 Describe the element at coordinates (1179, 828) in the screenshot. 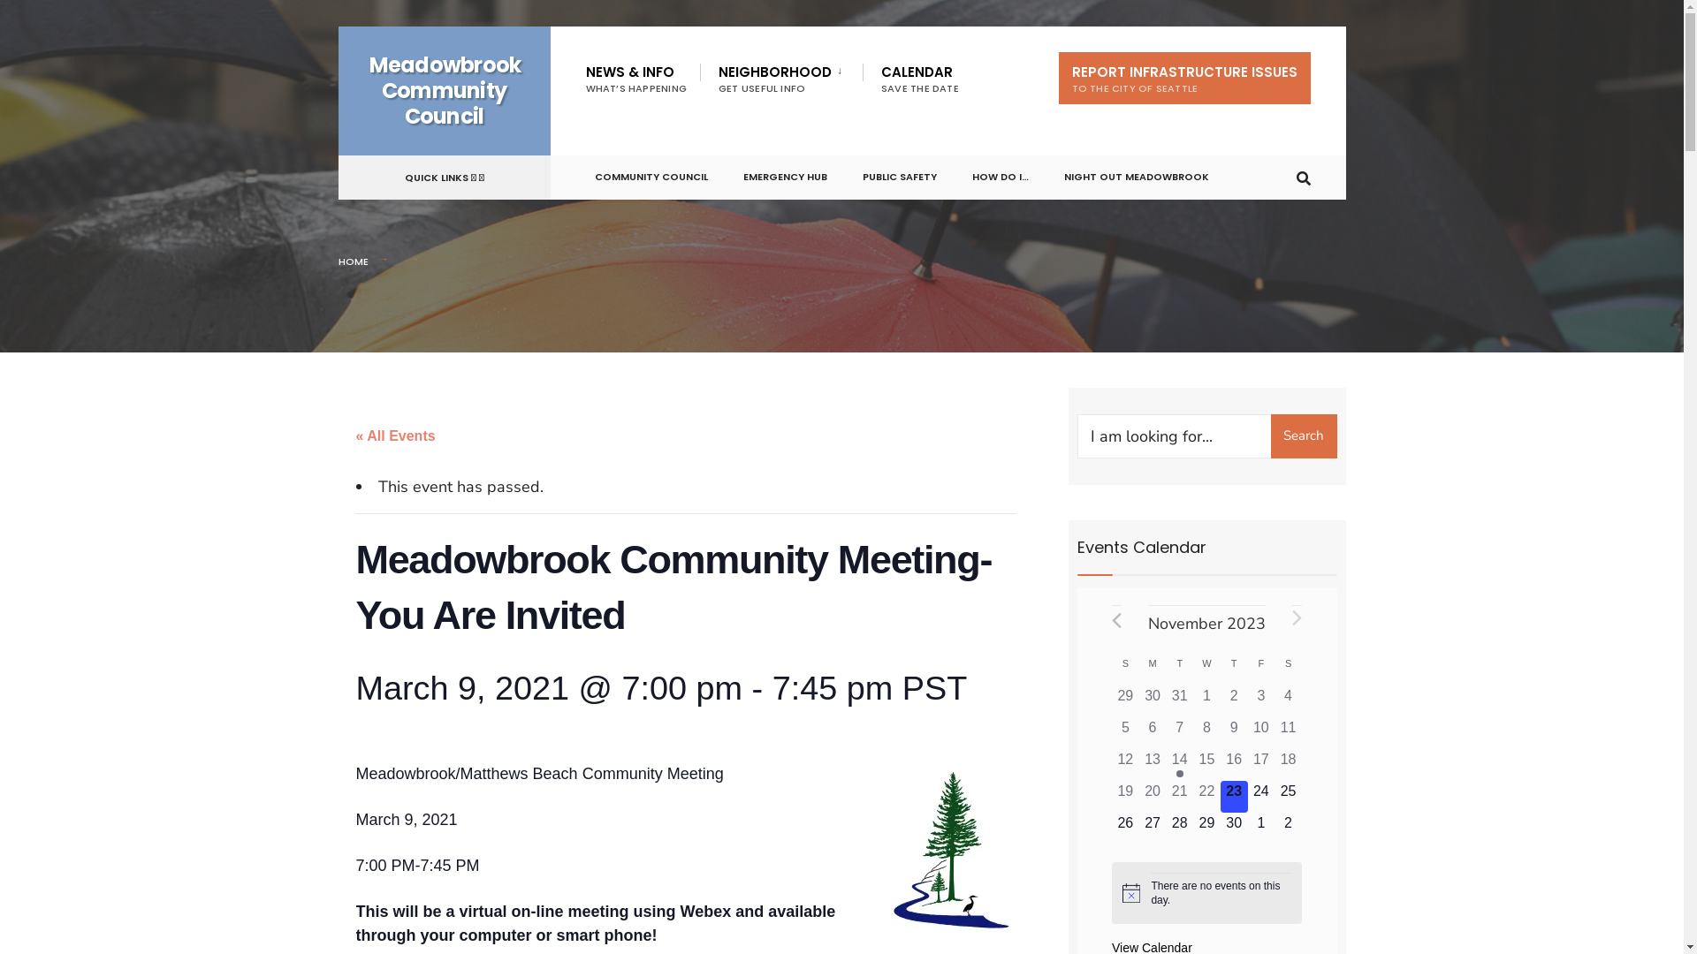

I see `'0 events,` at that location.